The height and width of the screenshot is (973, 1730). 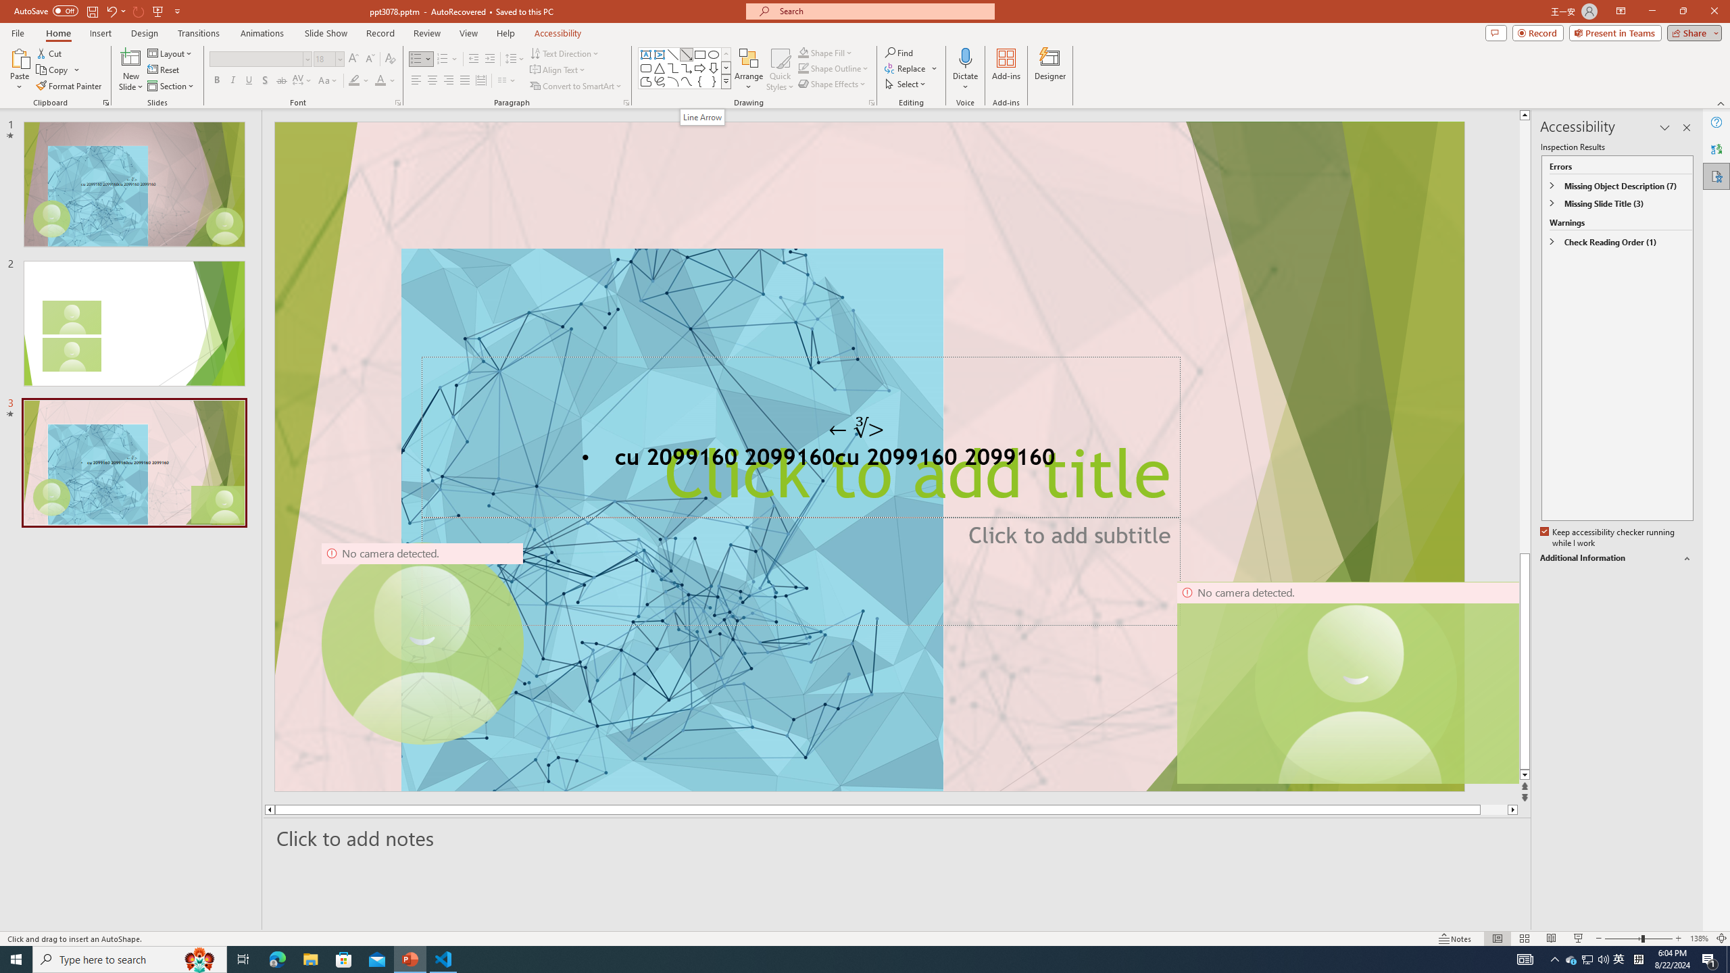 I want to click on 'TextBox 61', so click(x=868, y=459).